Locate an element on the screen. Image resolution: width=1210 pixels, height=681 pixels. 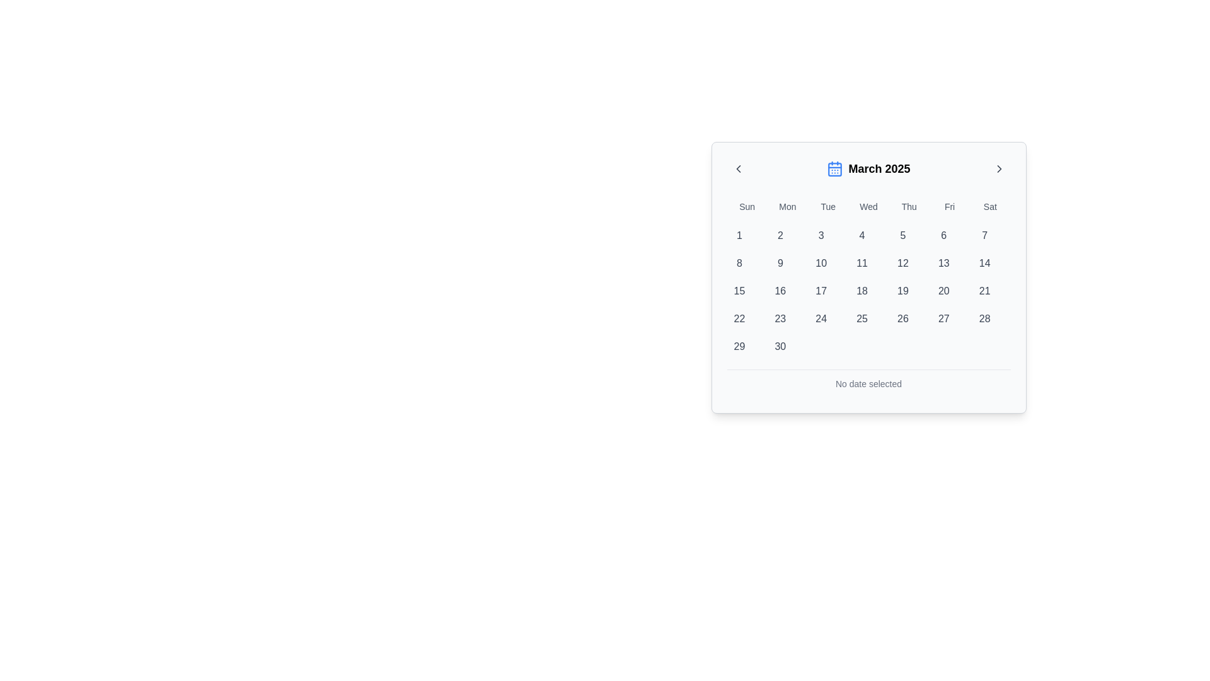
the chevron icon pointing to the left in the calendar widget is located at coordinates (738, 168).